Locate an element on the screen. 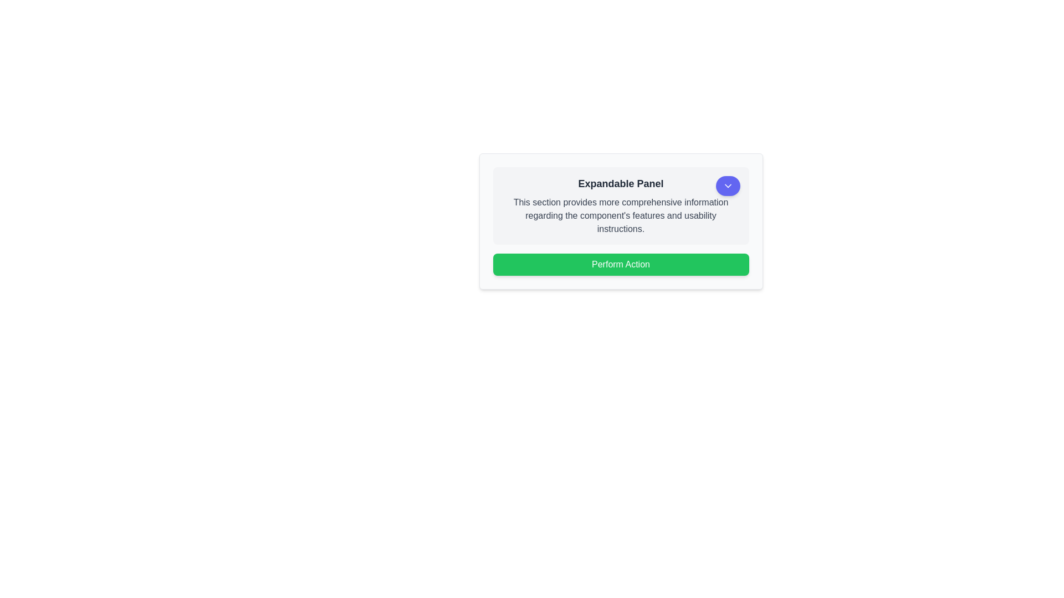  the button located at the bottom-center of an expandable panel, positioned directly below a descriptive text area is located at coordinates (621, 265).